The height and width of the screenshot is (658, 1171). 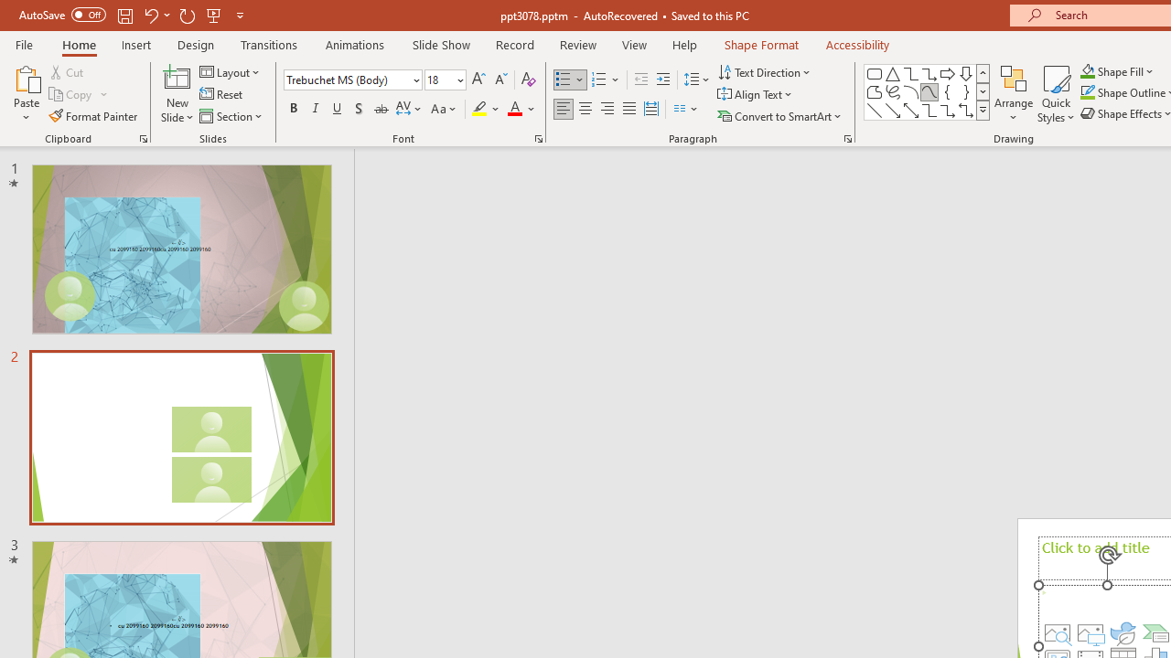 What do you see at coordinates (965, 110) in the screenshot?
I see `'Connector: Elbow Double-Arrow'` at bounding box center [965, 110].